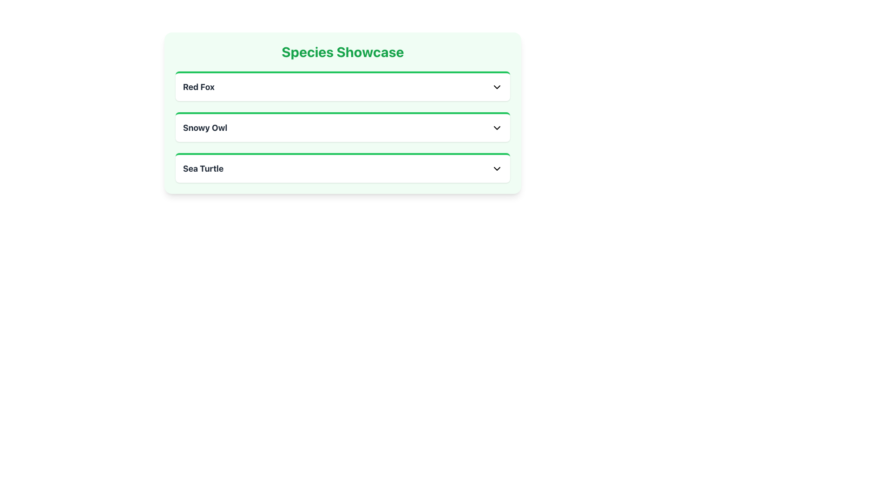 Image resolution: width=892 pixels, height=501 pixels. What do you see at coordinates (203, 168) in the screenshot?
I see `the text label identifying the third entry in the species list, located centrally at the bottom of the vertical list` at bounding box center [203, 168].